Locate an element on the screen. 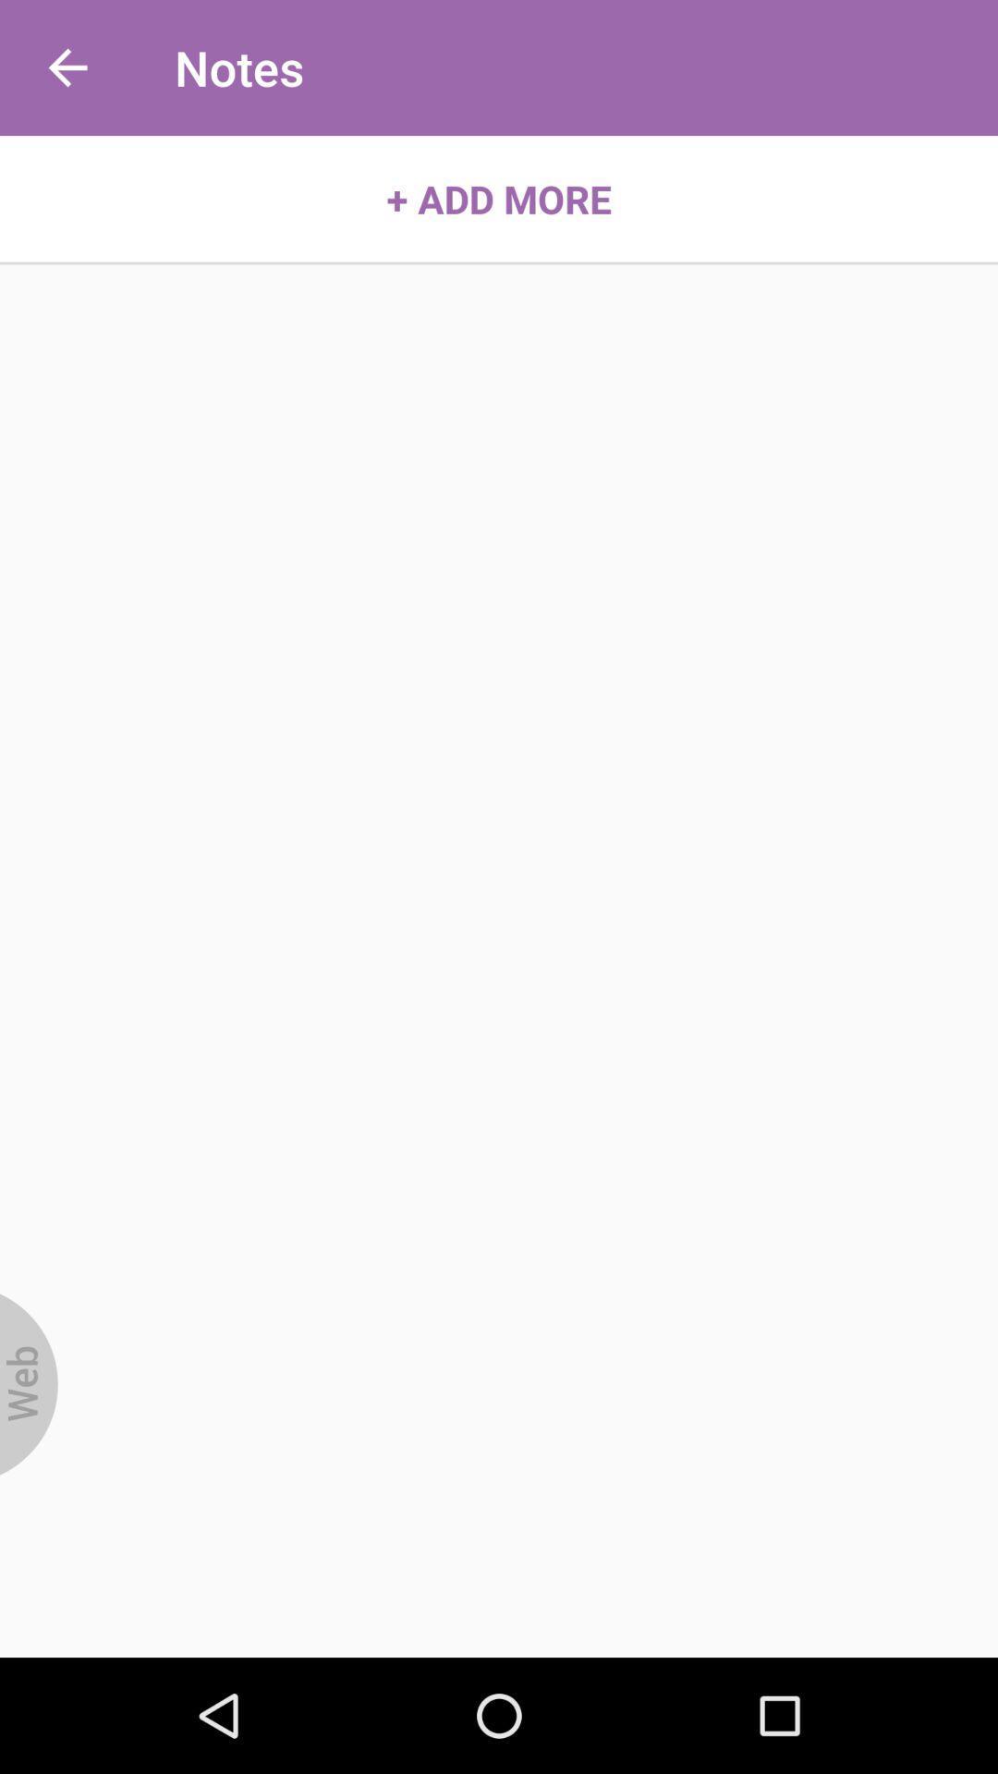 The image size is (998, 1774). icon above the + add more item is located at coordinates (67, 67).